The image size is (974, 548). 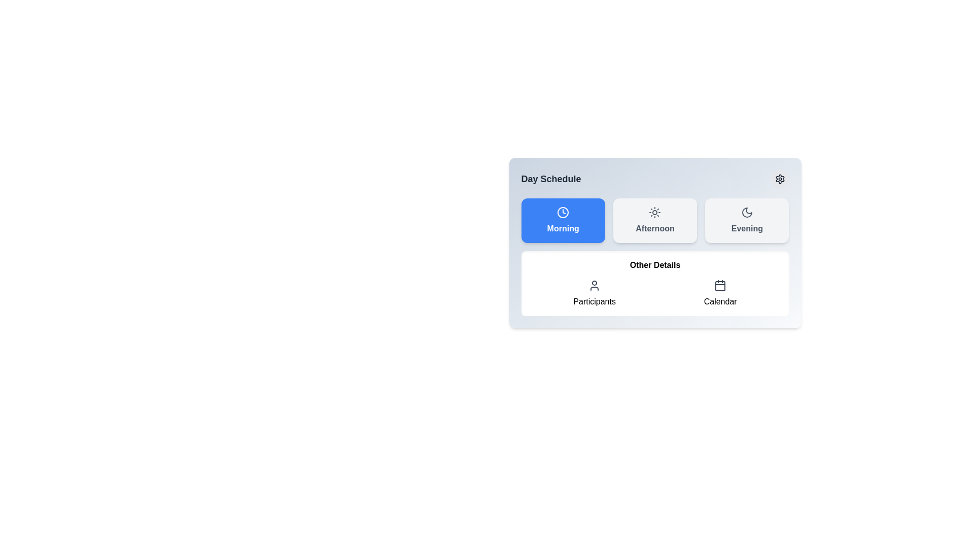 I want to click on the text label that describes the functionality related to scheduling or viewing participants, positioned below the user icon in the 'Other Details' section, so click(x=595, y=301).